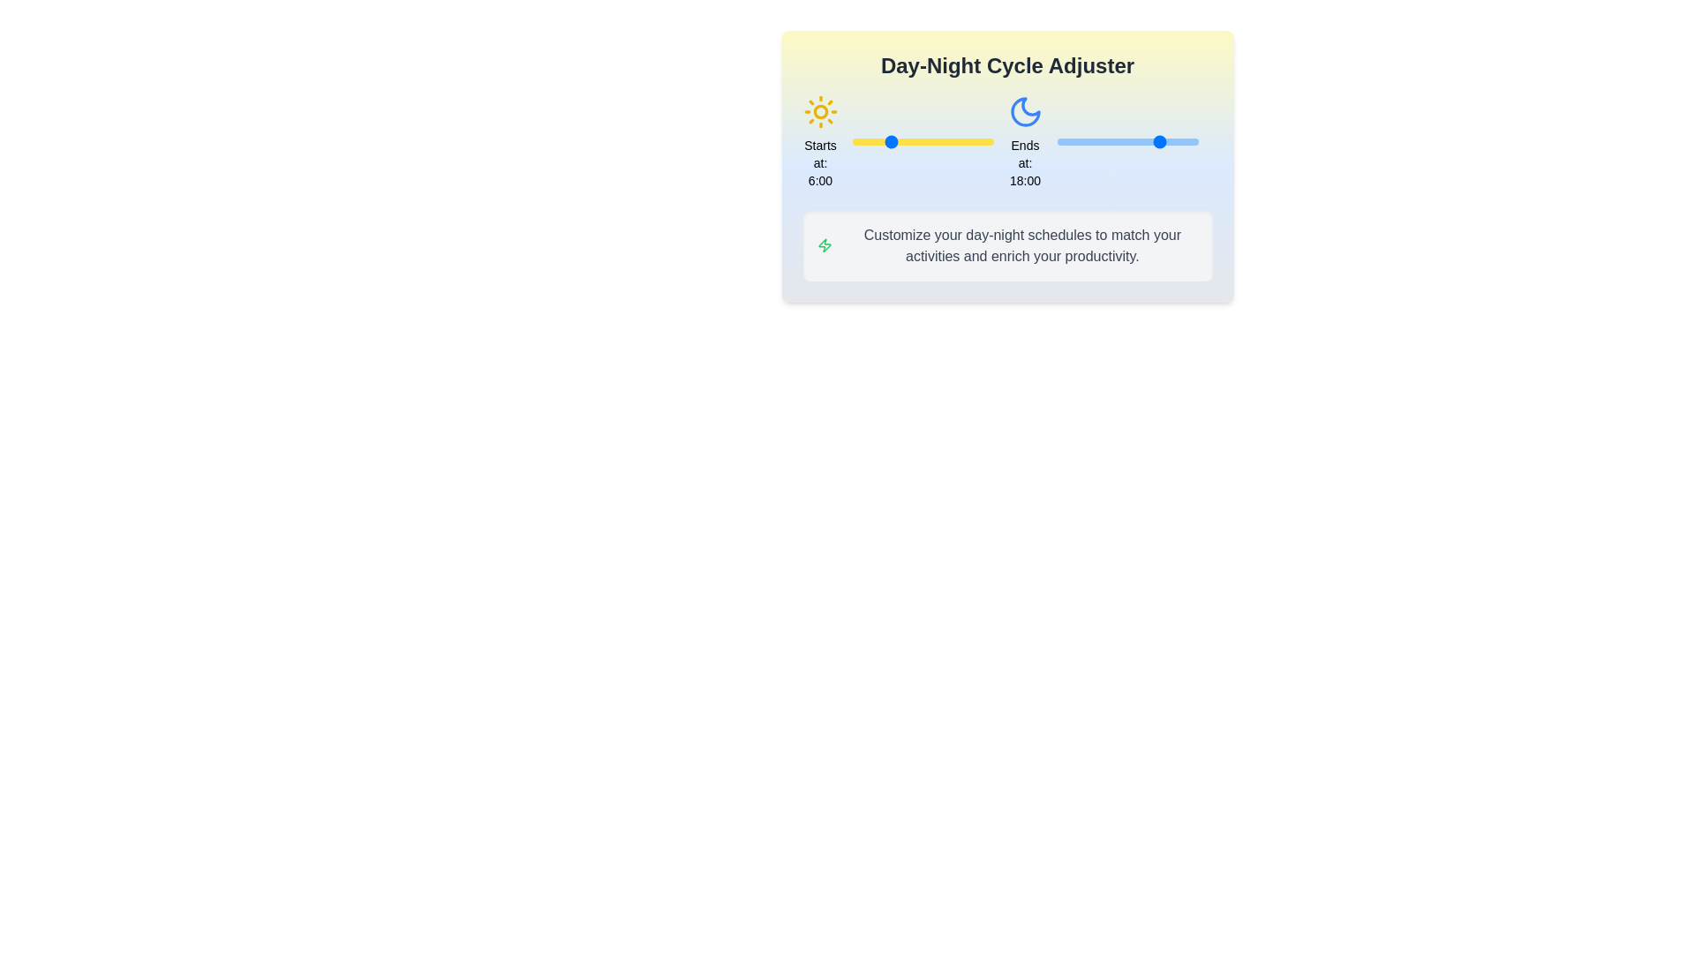  Describe the element at coordinates (916, 141) in the screenshot. I see `the start time of the day cycle to 11 hours using the left slider` at that location.